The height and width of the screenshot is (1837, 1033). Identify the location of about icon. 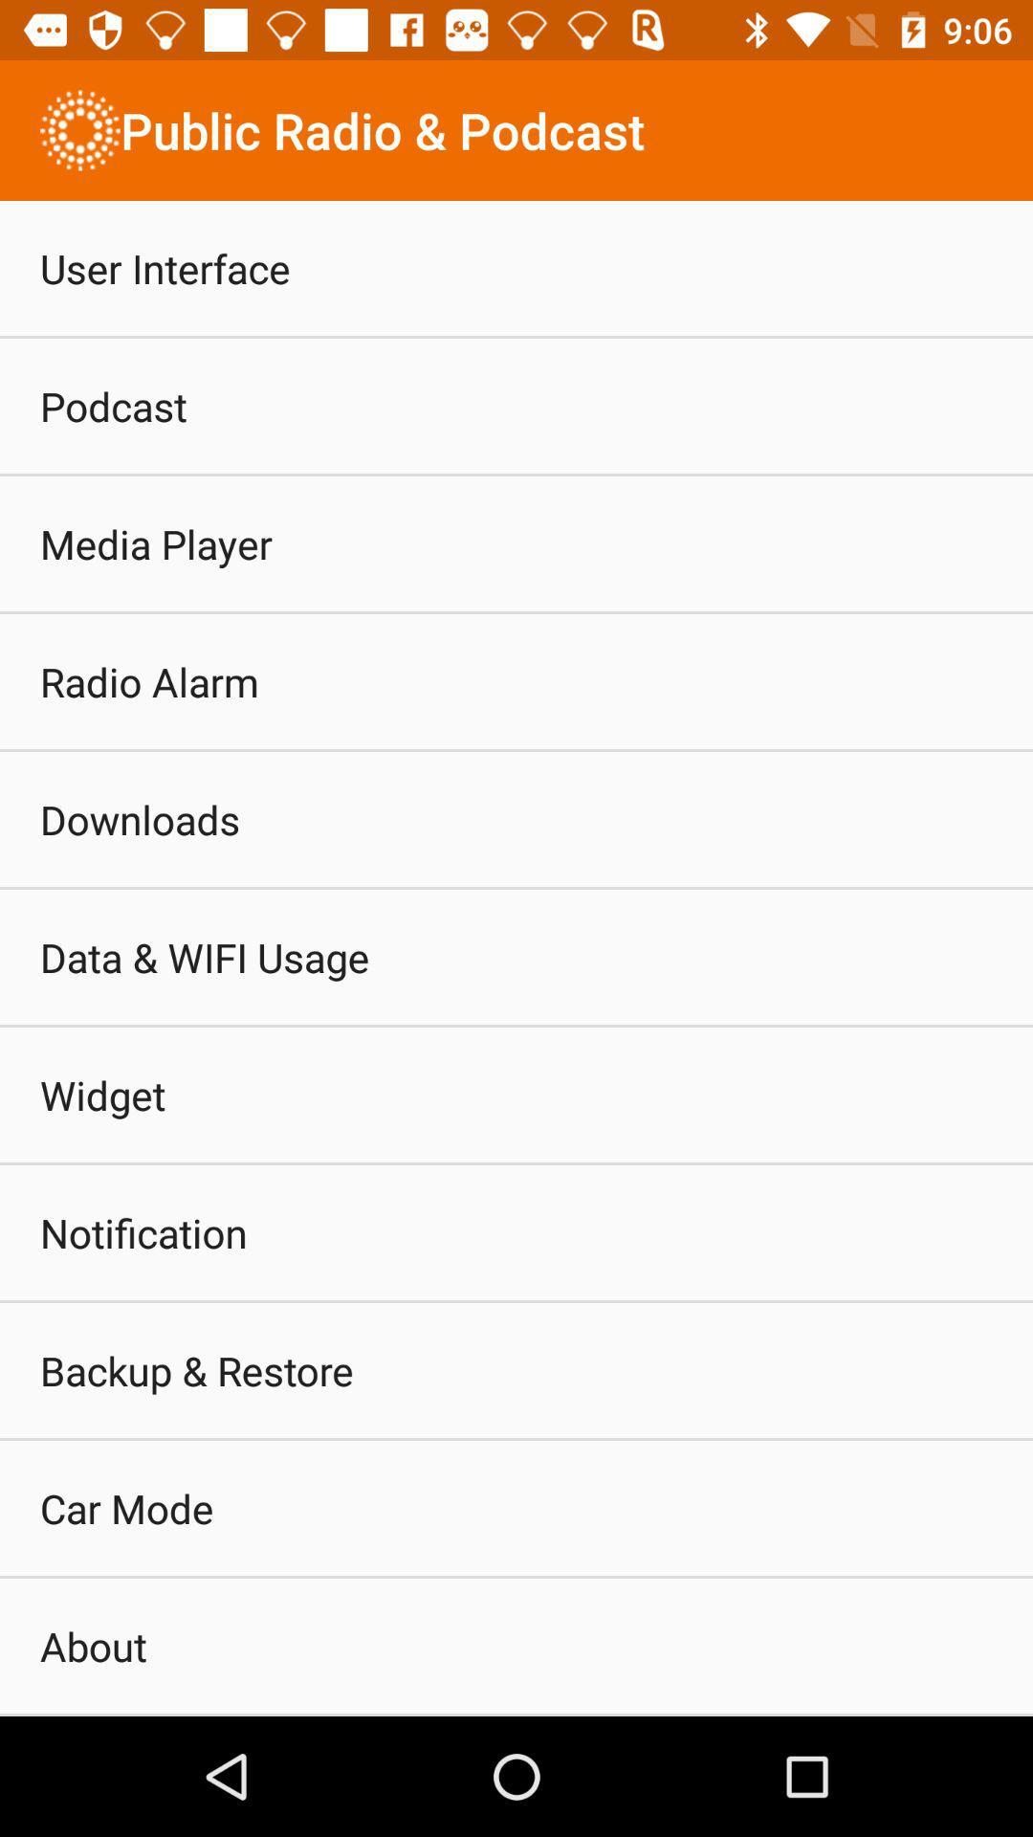
(93, 1645).